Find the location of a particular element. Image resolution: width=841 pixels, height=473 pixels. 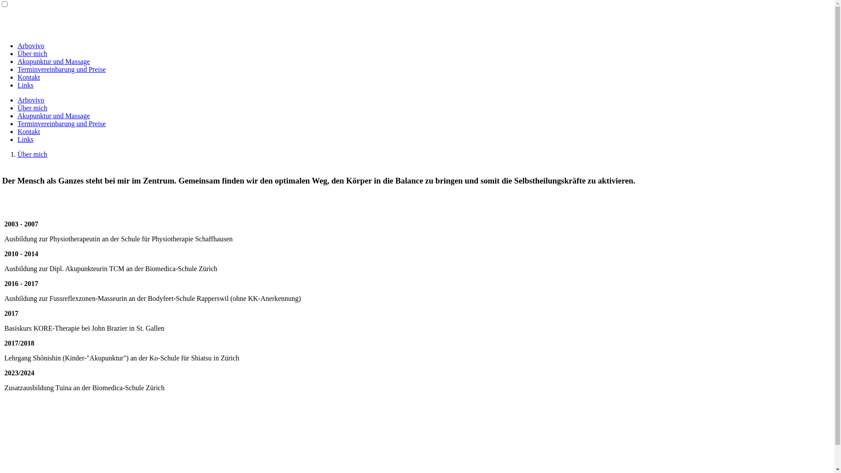

'Kontakt' is located at coordinates (29, 77).